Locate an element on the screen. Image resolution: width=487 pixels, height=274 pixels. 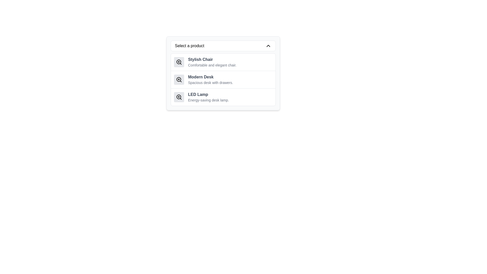
the zoom-in icon, which is the third icon in a vertical list located is located at coordinates (179, 97).